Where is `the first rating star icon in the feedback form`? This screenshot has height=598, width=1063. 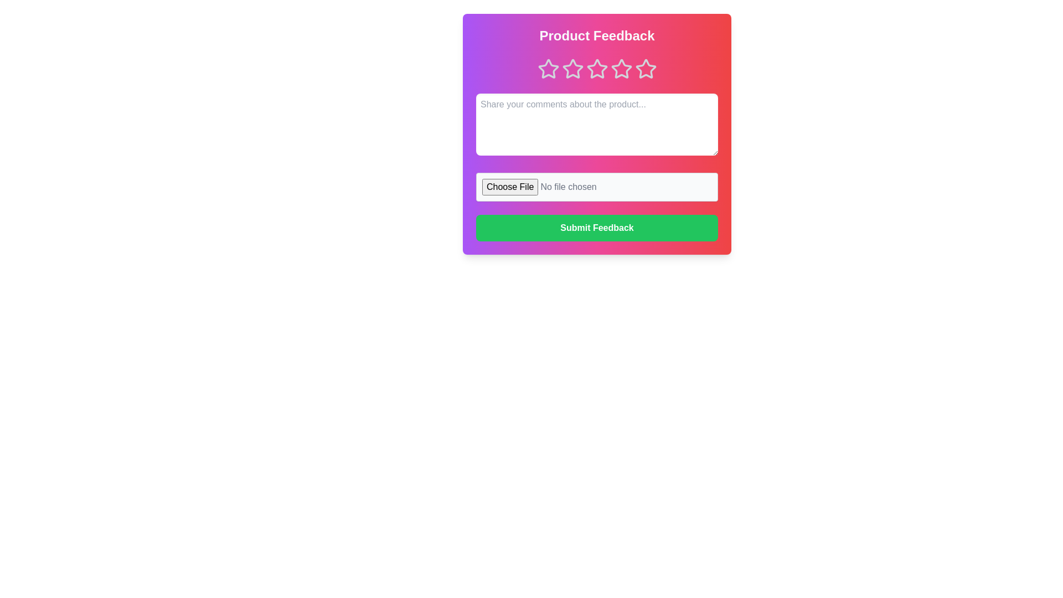 the first rating star icon in the feedback form is located at coordinates (548, 69).